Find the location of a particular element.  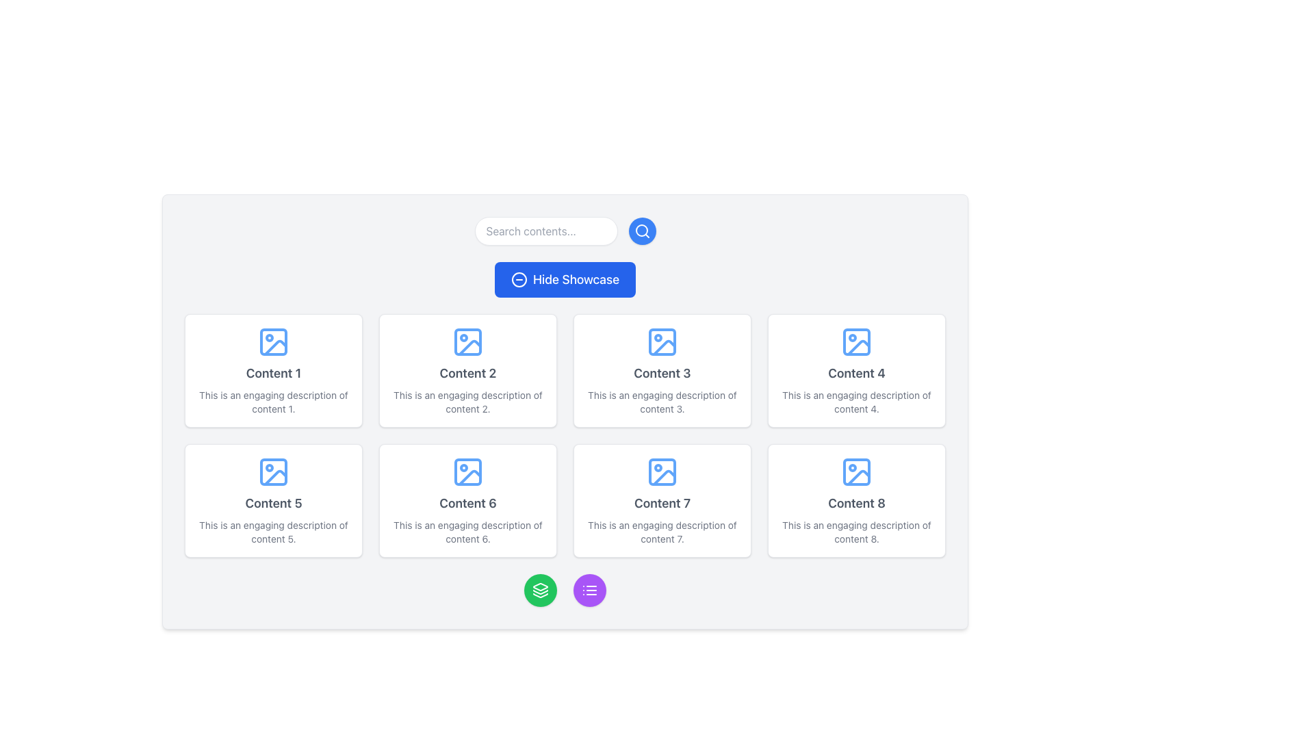

the Content card, which is the second item in the first row of the grid layout is located at coordinates (468, 371).